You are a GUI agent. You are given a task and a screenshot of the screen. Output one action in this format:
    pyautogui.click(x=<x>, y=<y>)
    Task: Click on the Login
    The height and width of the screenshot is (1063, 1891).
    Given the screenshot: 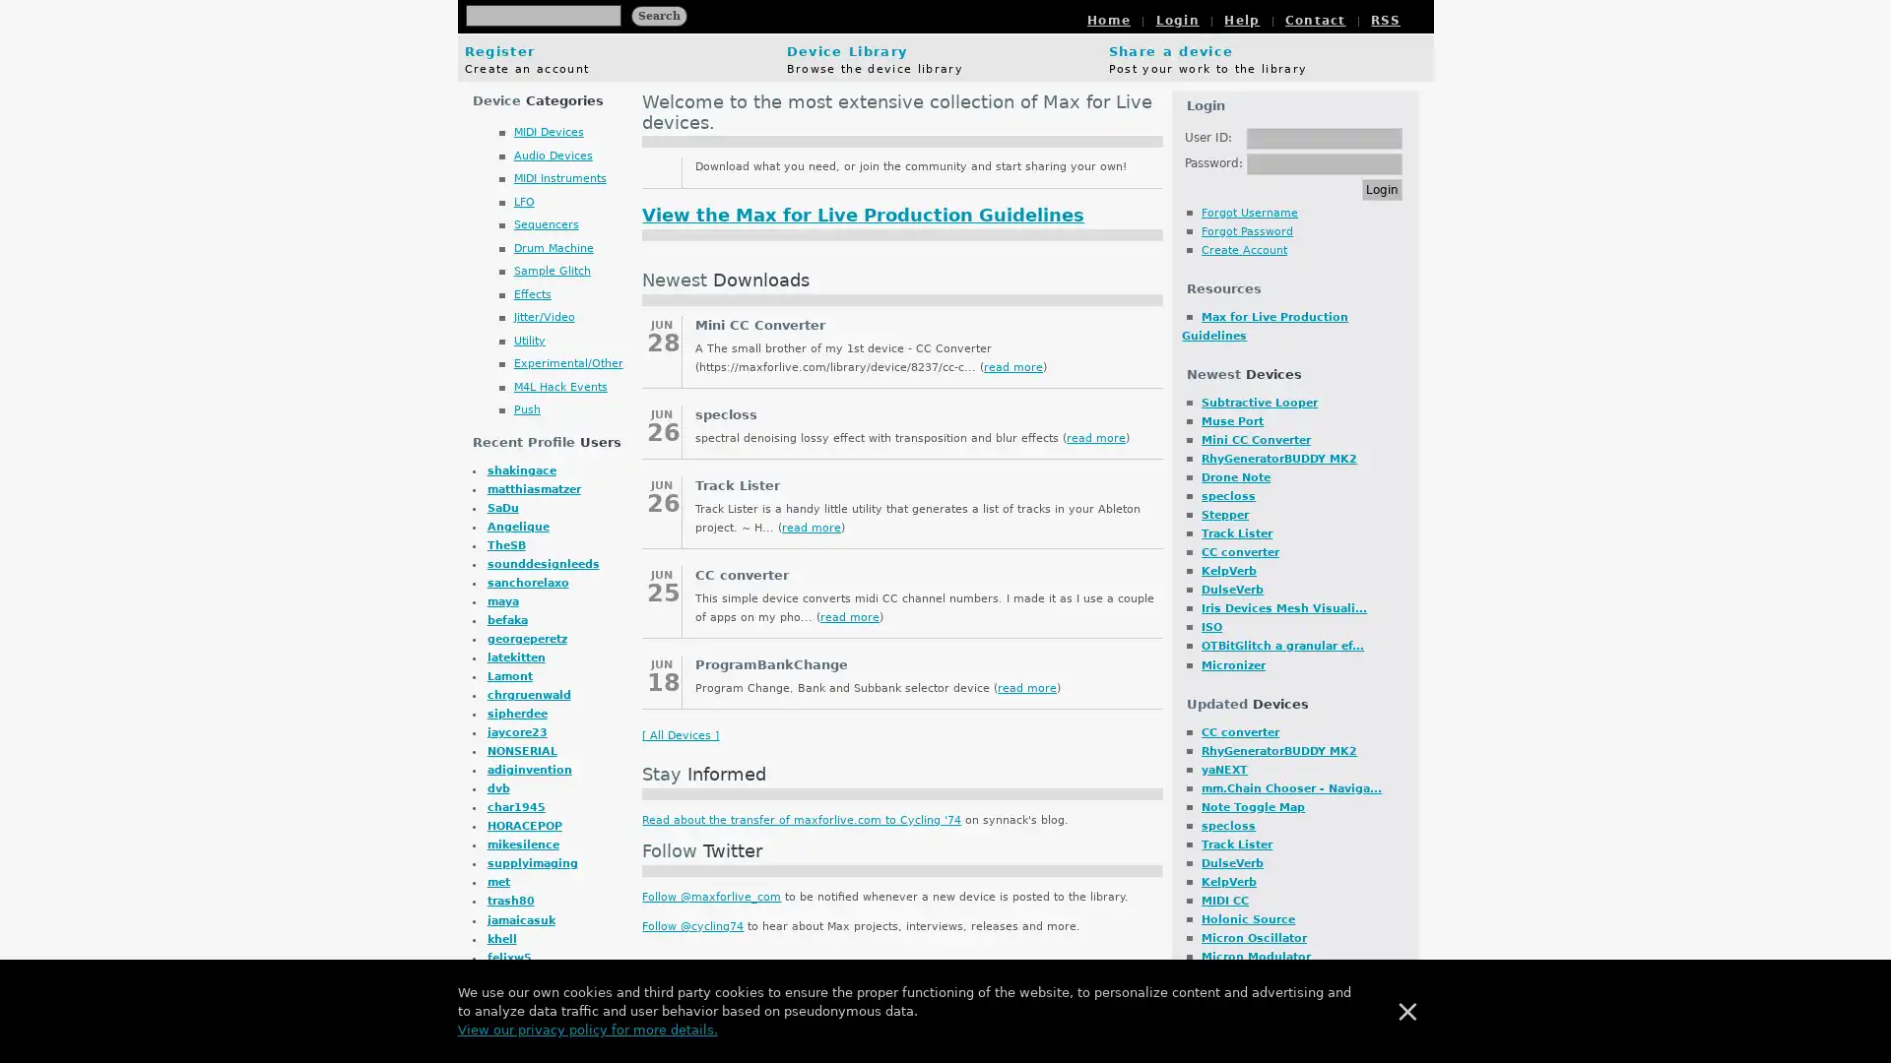 What is the action you would take?
    pyautogui.click(x=1381, y=189)
    